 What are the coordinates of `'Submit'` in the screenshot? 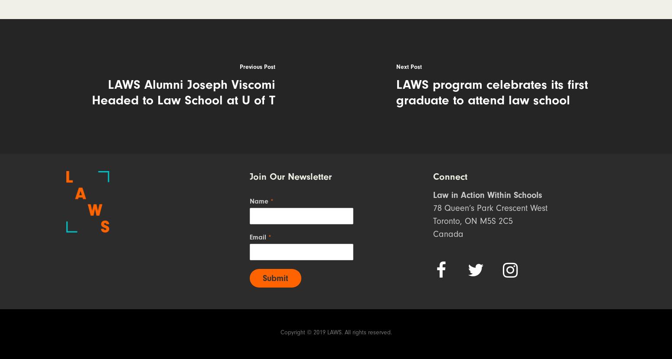 It's located at (274, 278).